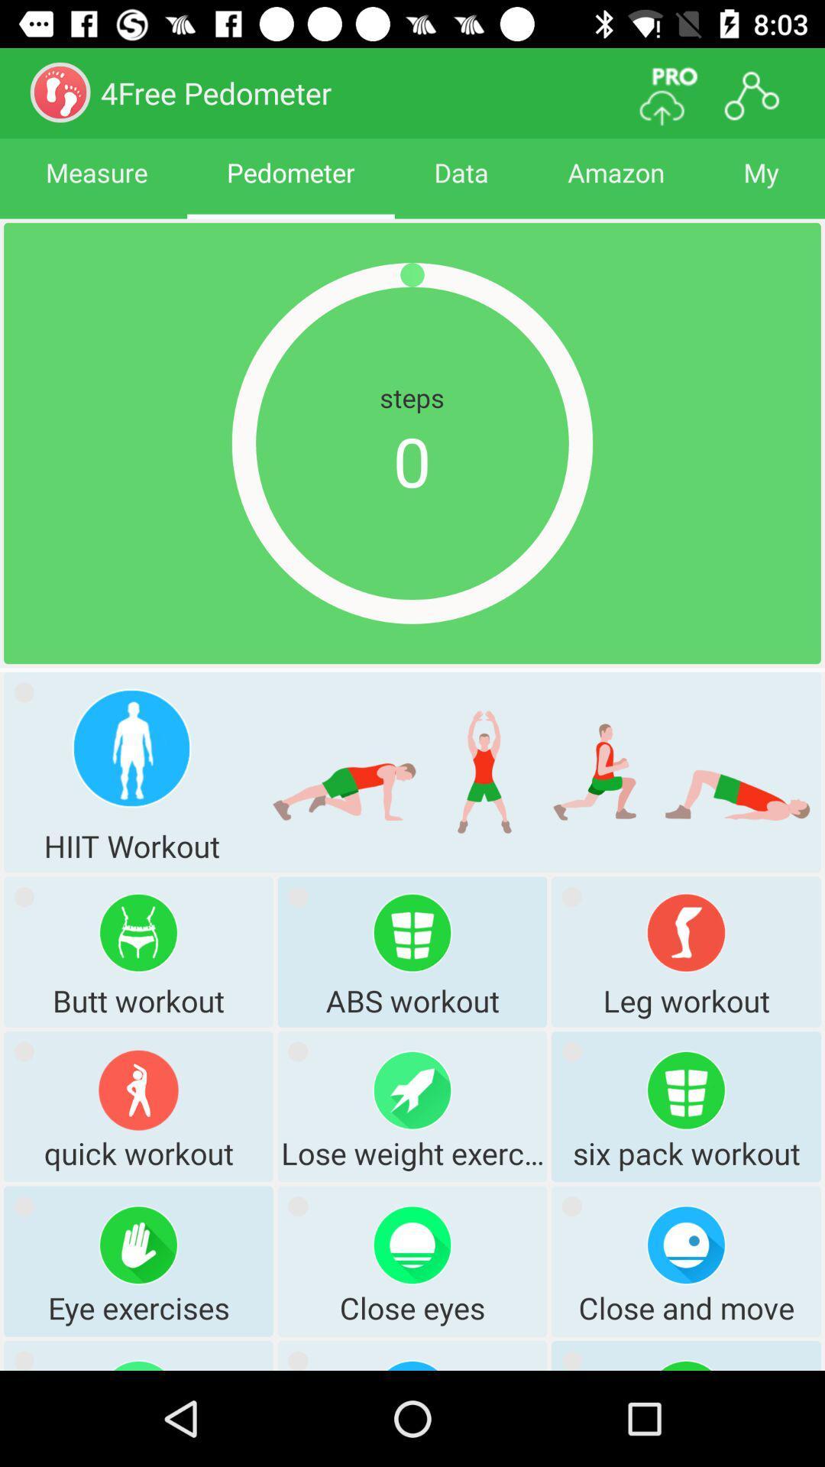 This screenshot has width=825, height=1467. Describe the element at coordinates (615, 186) in the screenshot. I see `the app to the right of the data icon` at that location.